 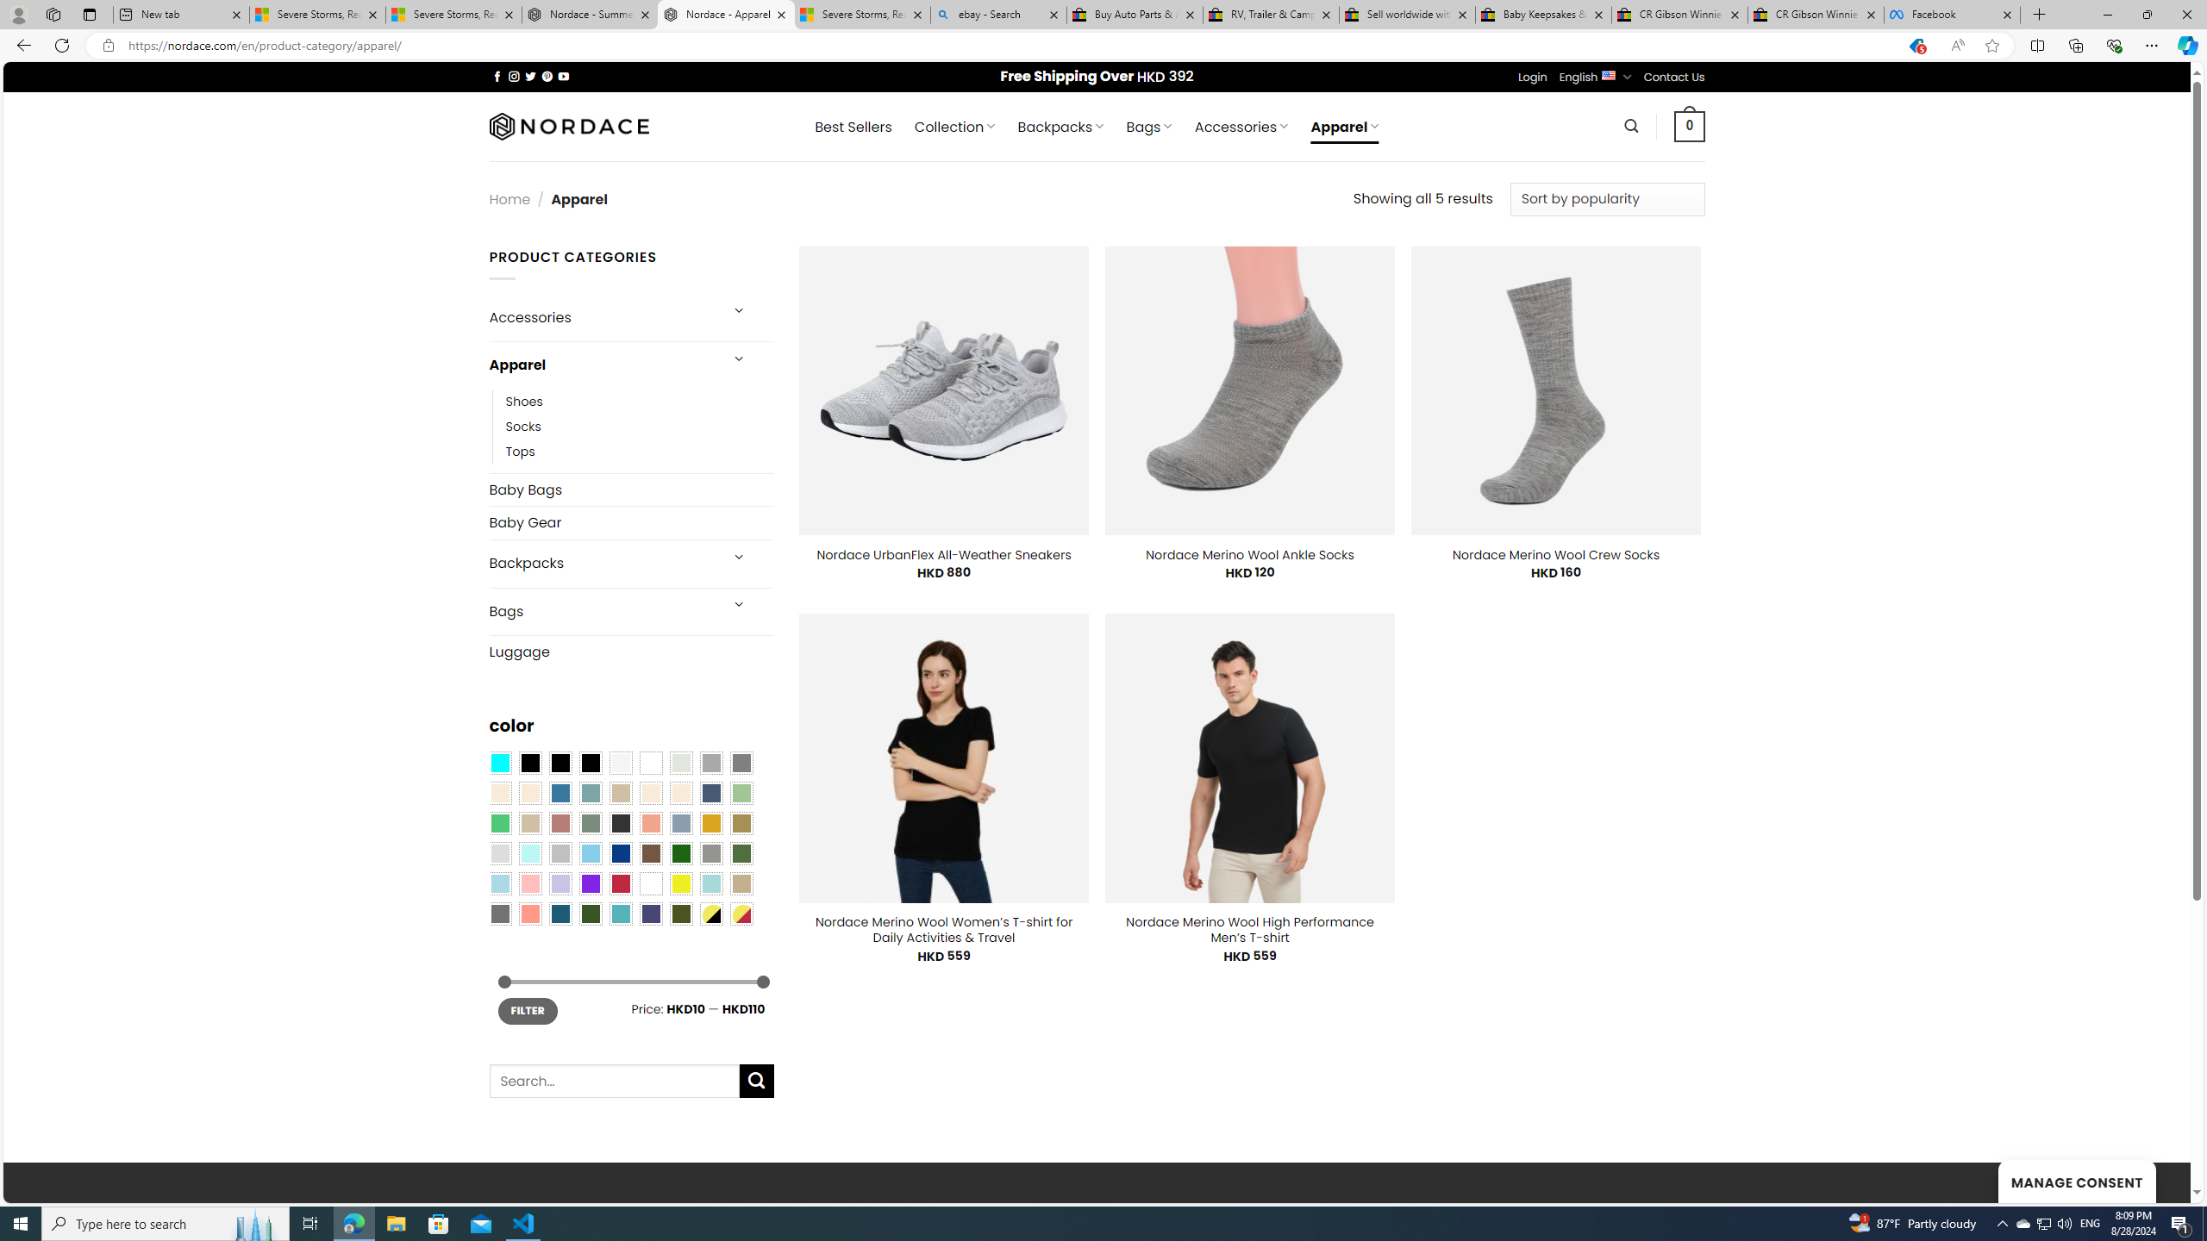 What do you see at coordinates (498, 762) in the screenshot?
I see `'Aqua Blue'` at bounding box center [498, 762].